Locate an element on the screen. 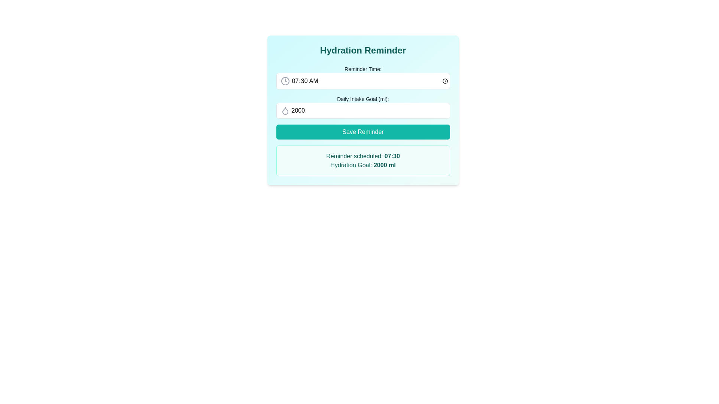 Image resolution: width=719 pixels, height=404 pixels. label that indicates the daily intake goal in milliliters, which is centrally positioned between the 'Reminder Time:' label and the input field with a droplet icon is located at coordinates (363, 99).